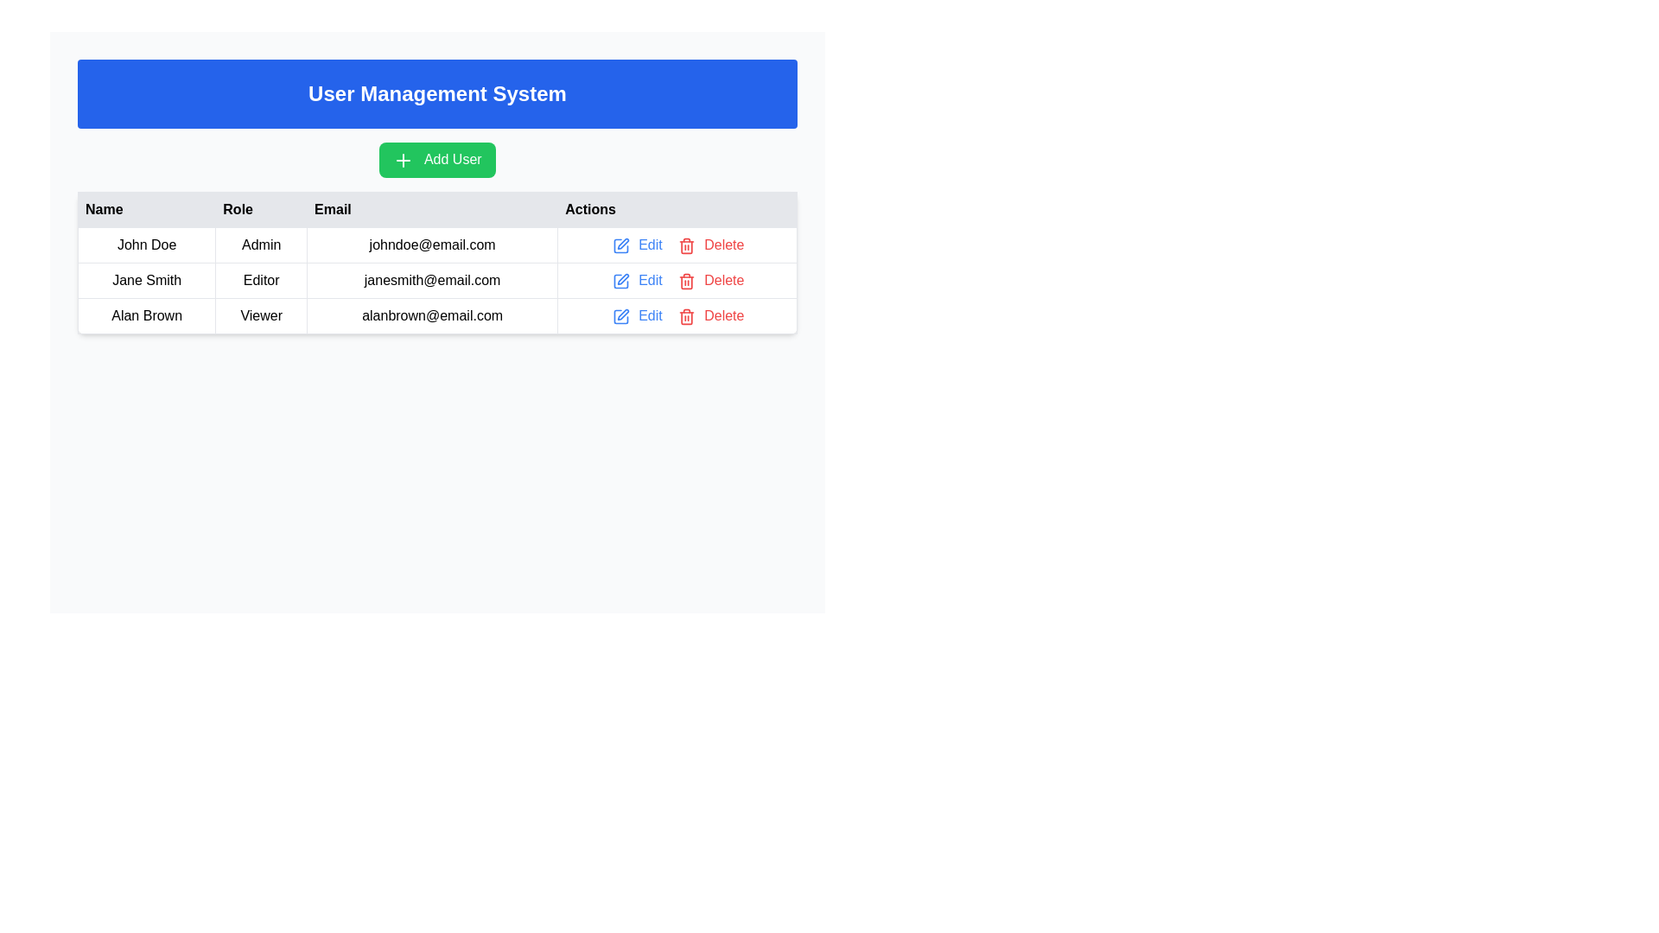 The image size is (1659, 933). Describe the element at coordinates (620, 316) in the screenshot. I see `the blue pen icon in the Actions column of the table, located in the last row corresponding to user 'Alan Brown', to initiate the editing function` at that location.